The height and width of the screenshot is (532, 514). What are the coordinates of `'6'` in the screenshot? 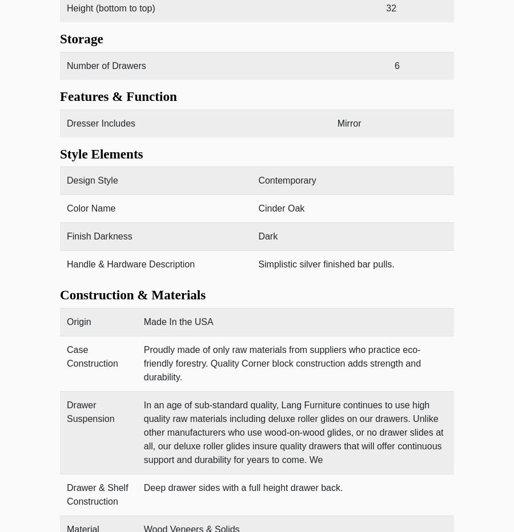 It's located at (396, 64).